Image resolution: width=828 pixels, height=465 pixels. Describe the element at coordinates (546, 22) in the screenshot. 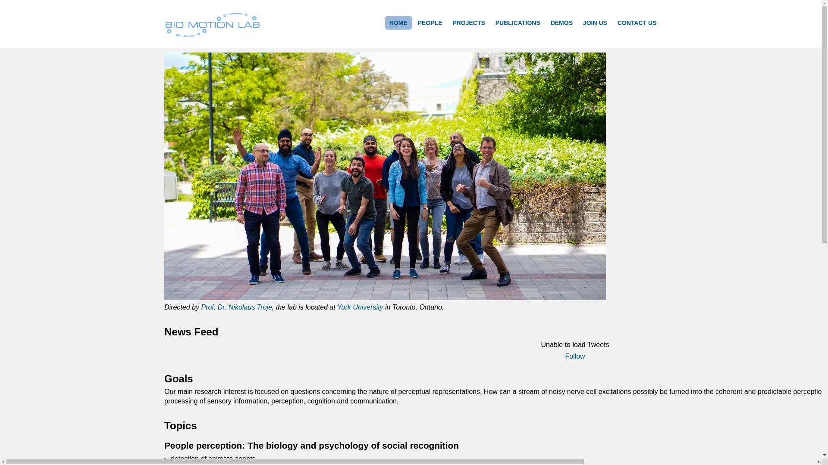

I see `'DEMOS'` at that location.